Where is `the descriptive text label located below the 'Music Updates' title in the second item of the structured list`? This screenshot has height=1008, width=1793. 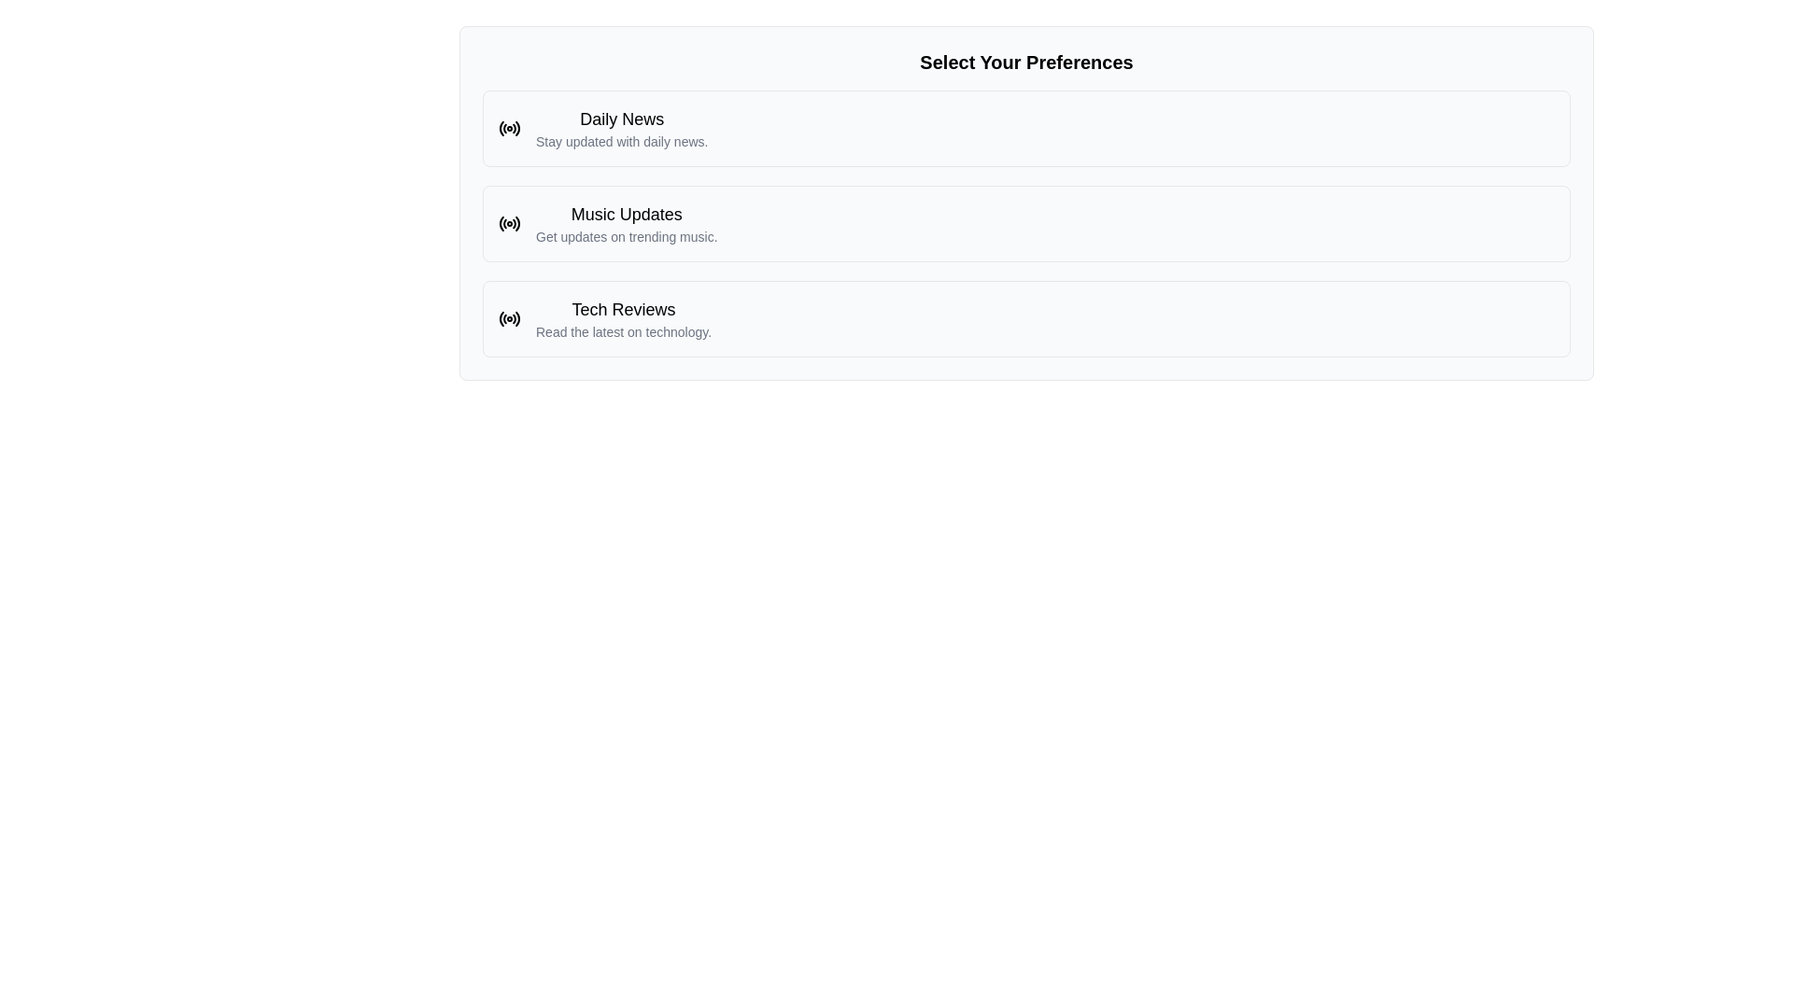 the descriptive text label located below the 'Music Updates' title in the second item of the structured list is located at coordinates (627, 236).